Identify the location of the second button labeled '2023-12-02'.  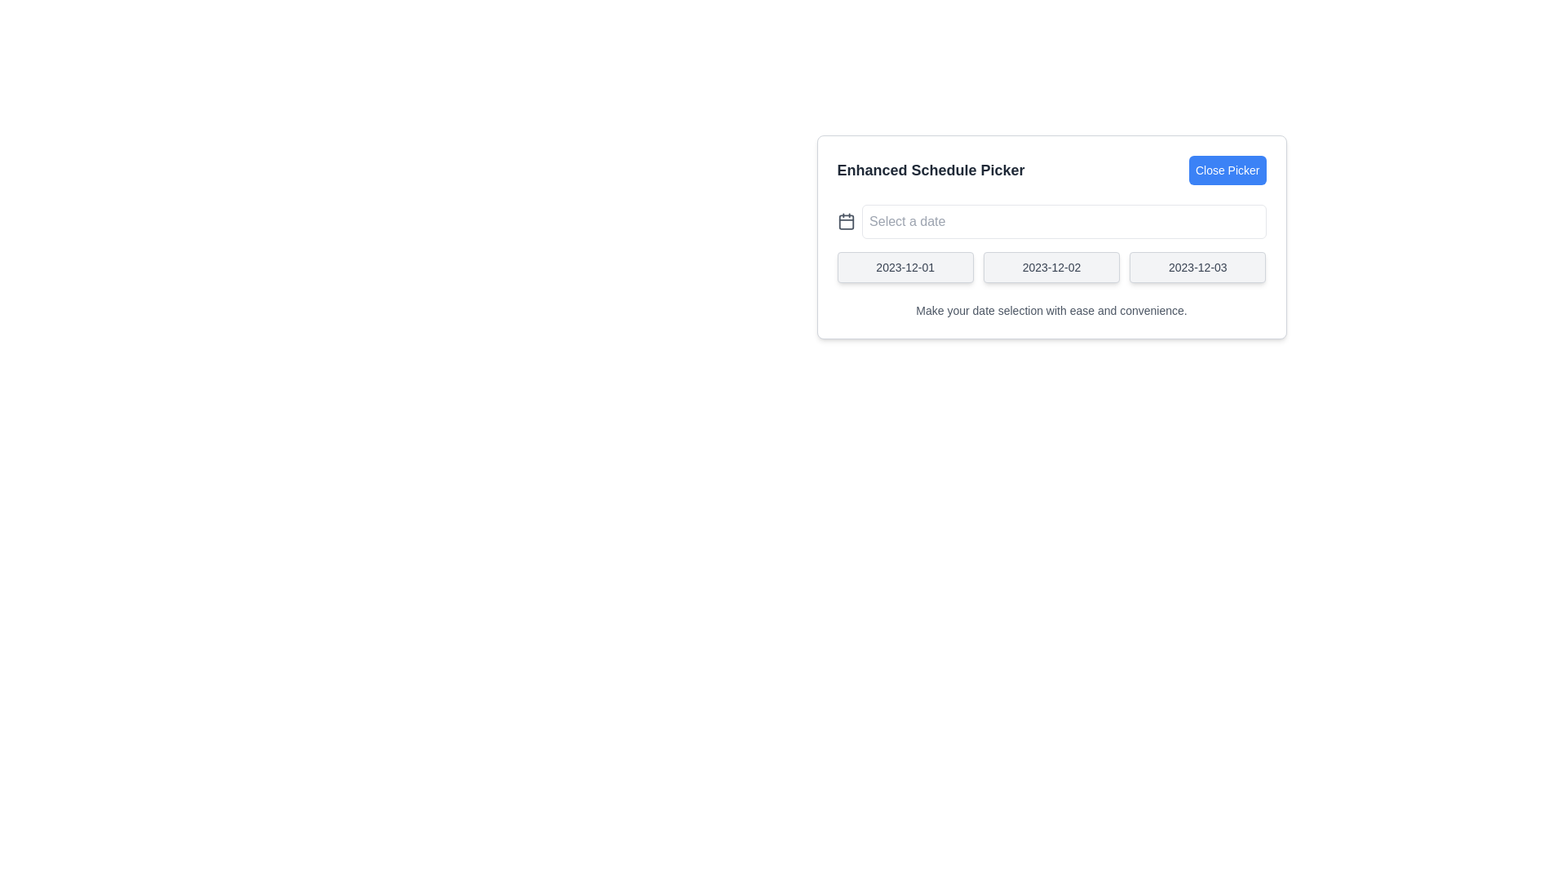
(1051, 266).